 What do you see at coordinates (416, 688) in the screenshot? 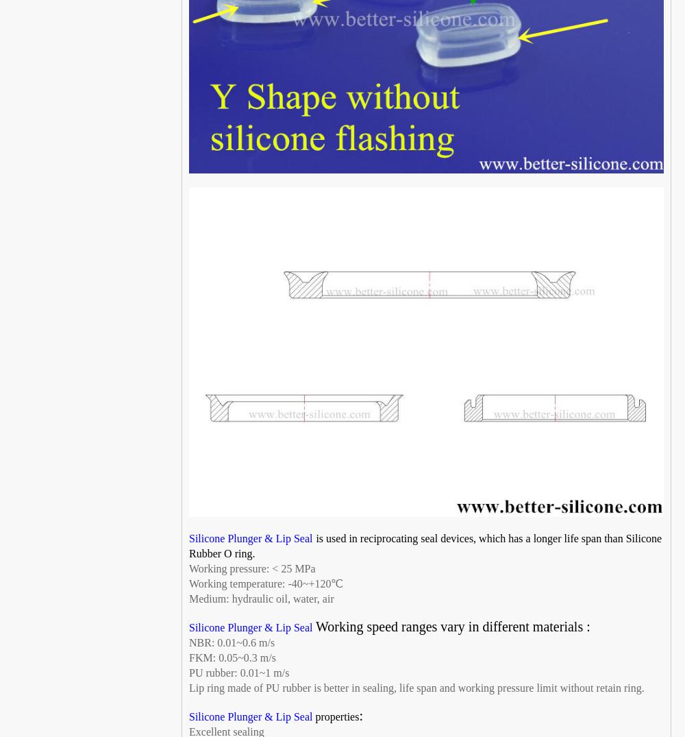
I see `'Lip ring made of PU rubber is better in sealing, life span and working pressure limit without retain ring.'` at bounding box center [416, 688].